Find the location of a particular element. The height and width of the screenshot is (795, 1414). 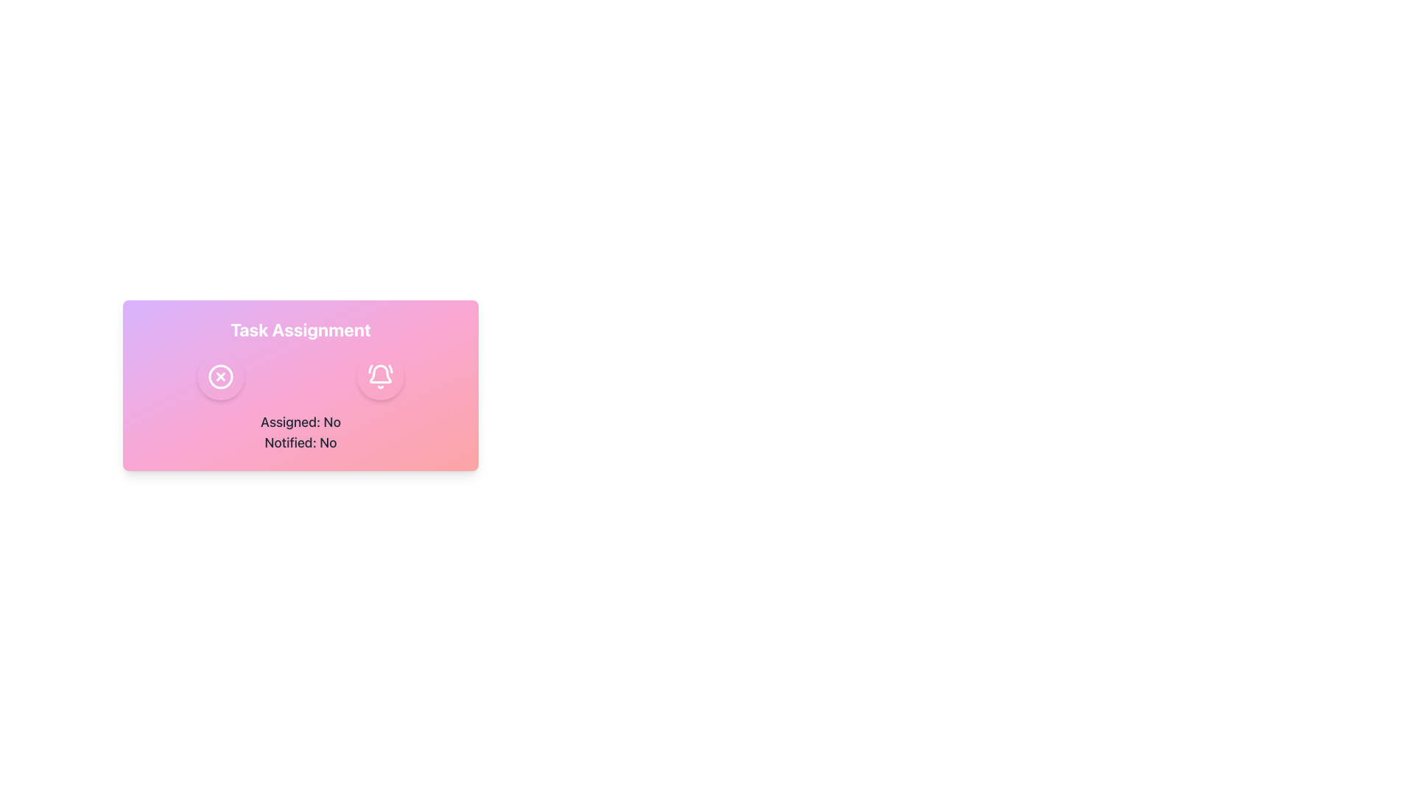

the notification toggle button, which is the second button from the left in the bottom-right of the pink 'Task Assignment' card is located at coordinates (381, 376).